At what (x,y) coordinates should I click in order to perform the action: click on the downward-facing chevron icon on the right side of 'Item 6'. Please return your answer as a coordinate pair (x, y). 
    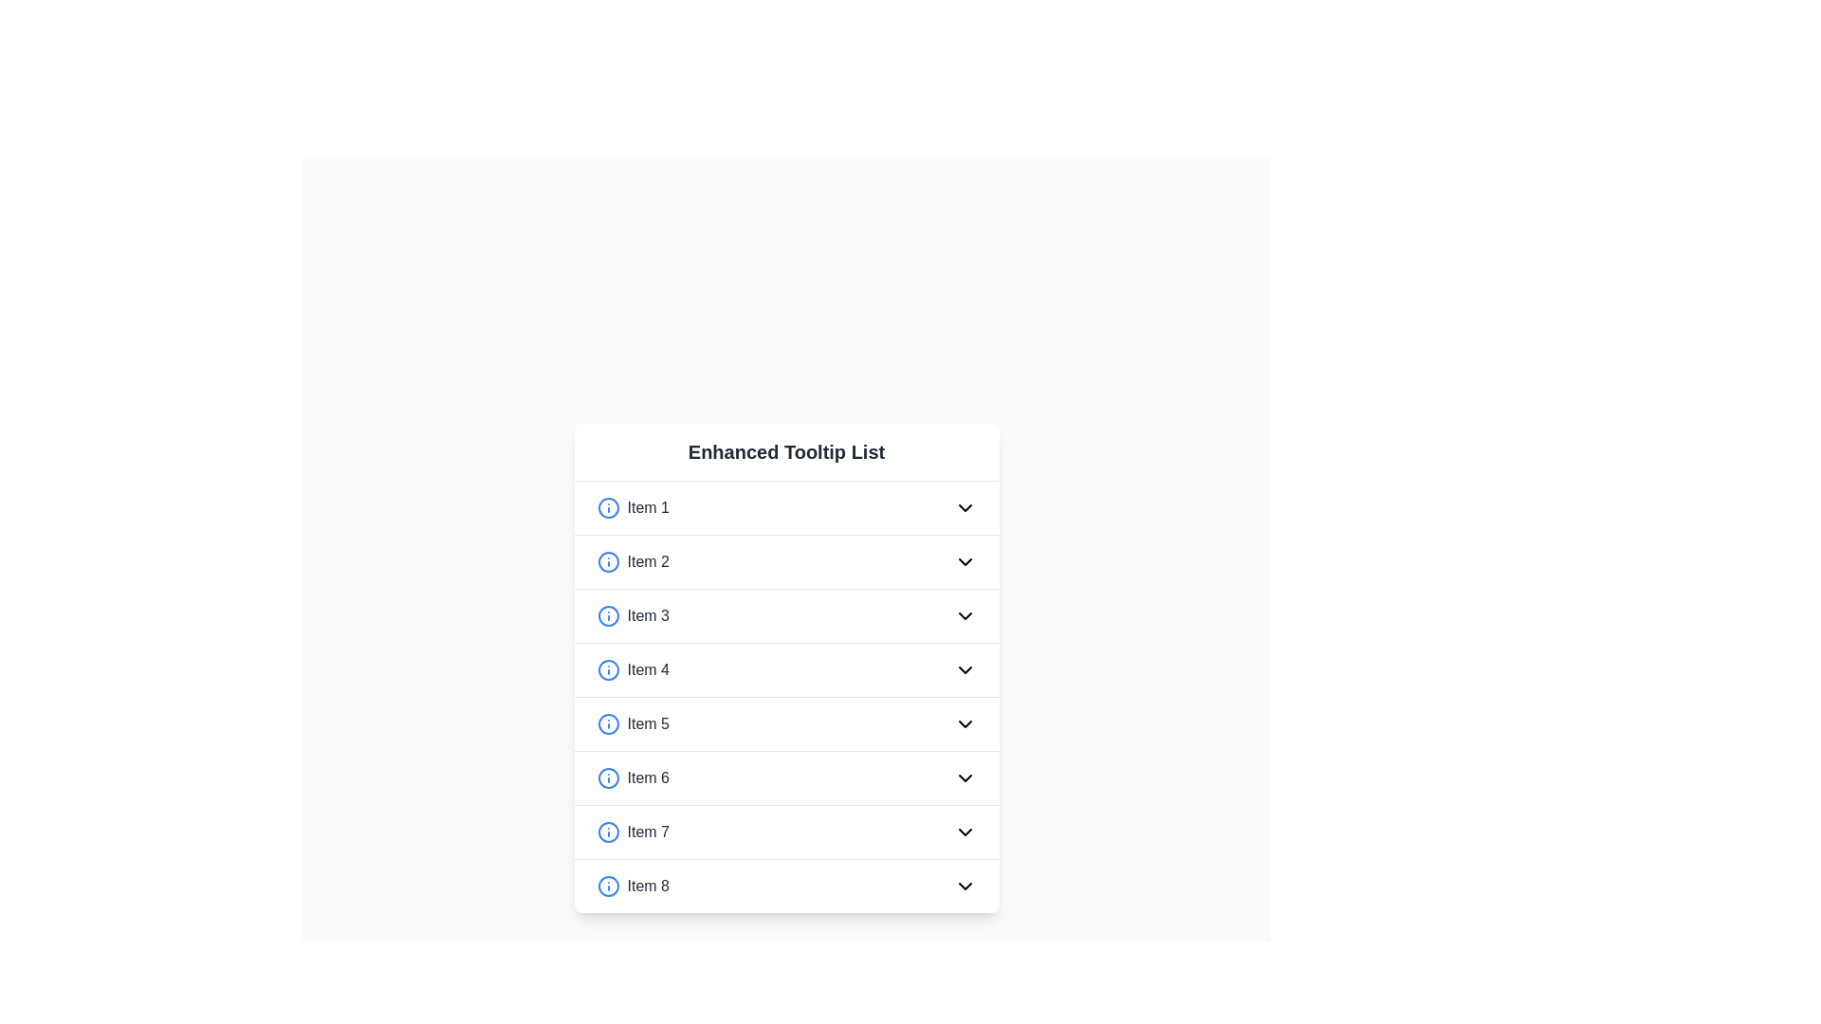
    Looking at the image, I should click on (965, 778).